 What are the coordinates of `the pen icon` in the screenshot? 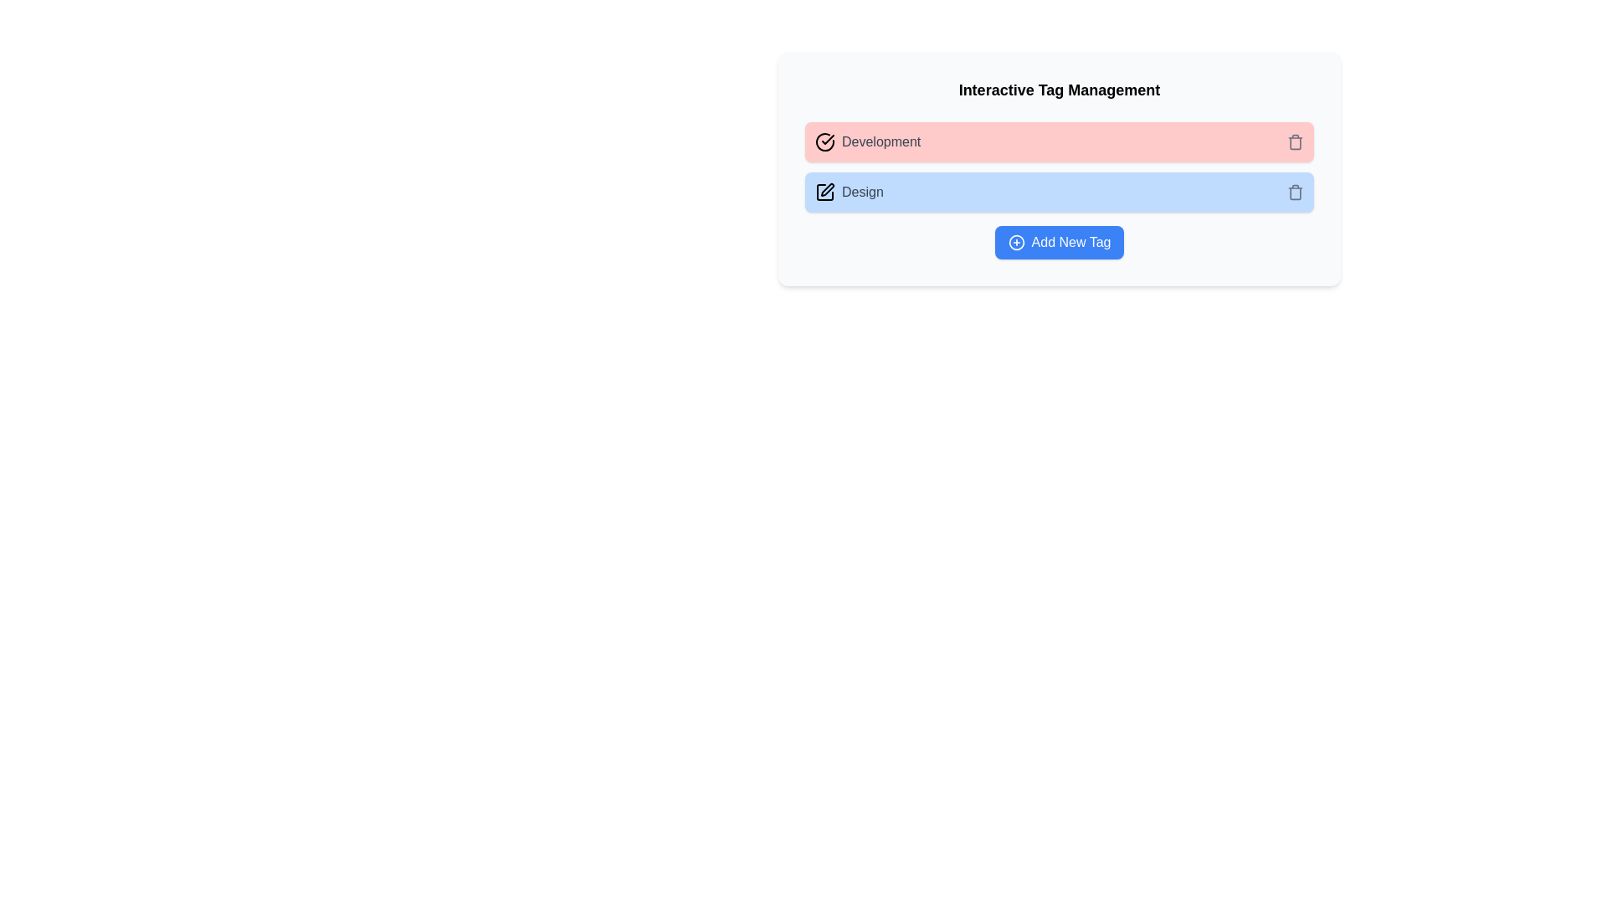 It's located at (824, 192).